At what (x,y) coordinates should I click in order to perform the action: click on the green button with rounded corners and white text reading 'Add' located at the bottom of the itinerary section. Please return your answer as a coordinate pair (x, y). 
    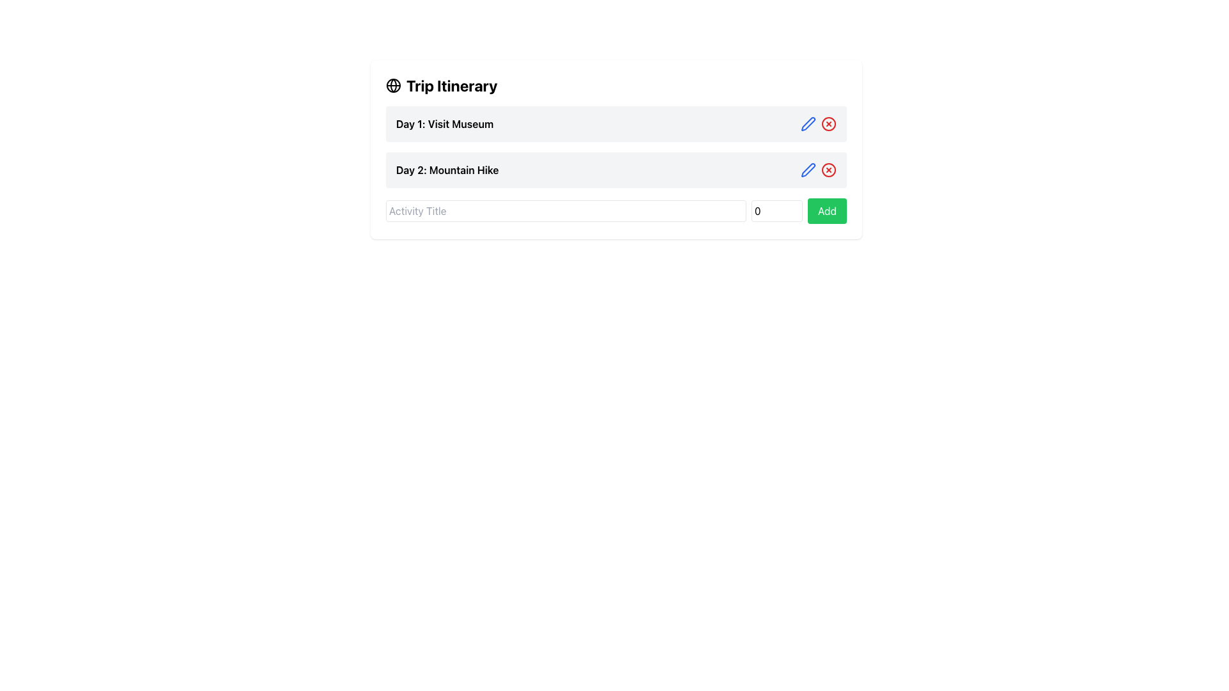
    Looking at the image, I should click on (826, 210).